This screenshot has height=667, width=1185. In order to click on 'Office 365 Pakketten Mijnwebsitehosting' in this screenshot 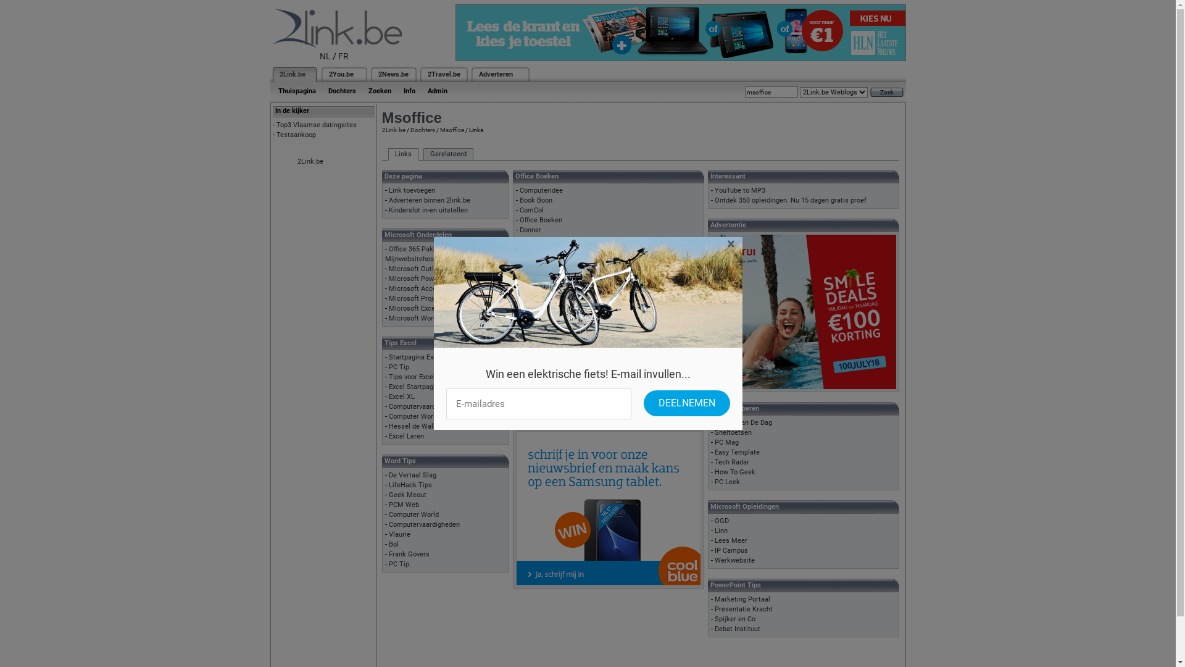, I will do `click(385, 253)`.